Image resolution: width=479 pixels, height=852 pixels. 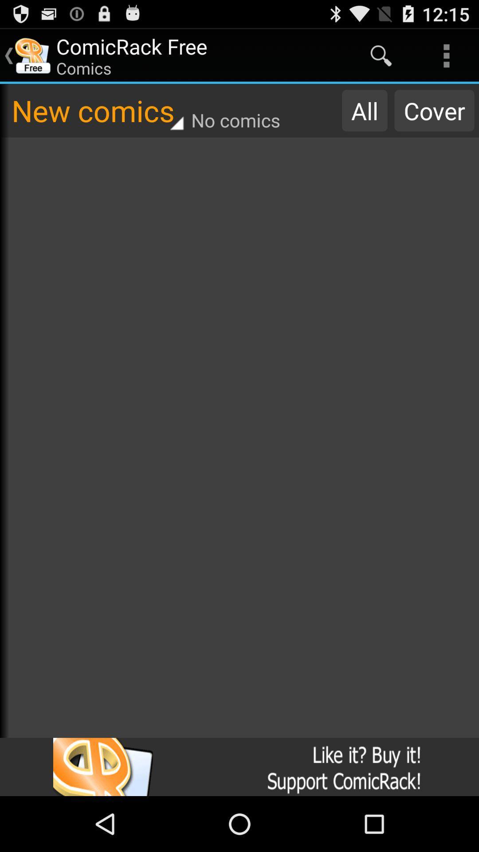 I want to click on the app next to comicrack free icon, so click(x=381, y=55).